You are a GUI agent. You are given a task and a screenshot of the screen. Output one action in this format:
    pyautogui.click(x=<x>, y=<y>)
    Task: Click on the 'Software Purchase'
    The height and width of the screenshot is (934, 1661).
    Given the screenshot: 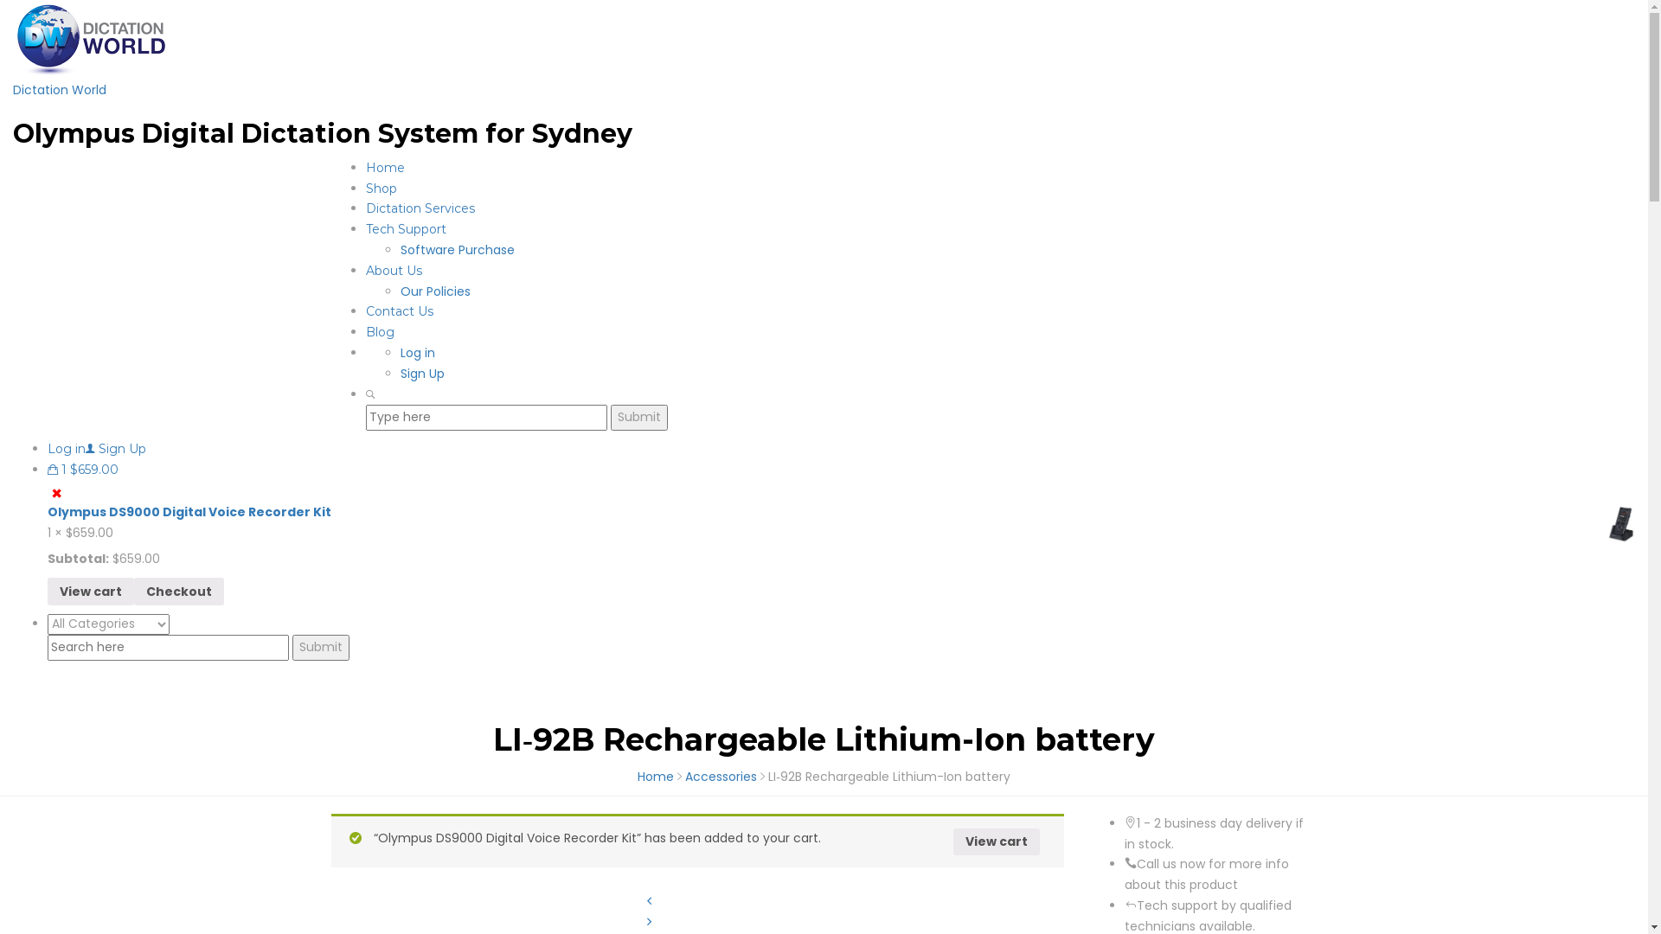 What is the action you would take?
    pyautogui.click(x=457, y=250)
    